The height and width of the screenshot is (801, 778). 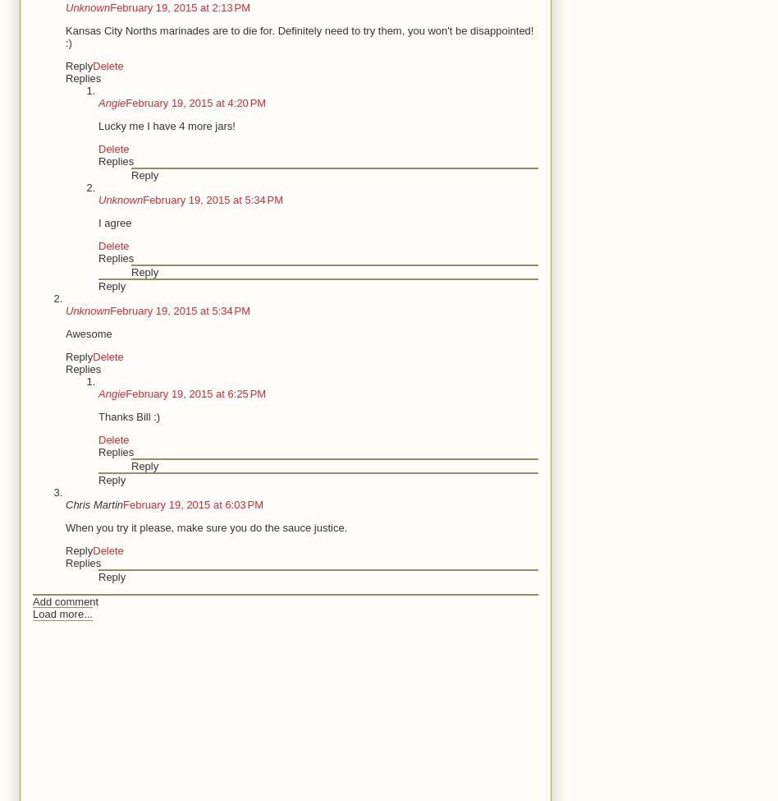 I want to click on 'February 19, 2015 at 6:03 PM', so click(x=192, y=504).